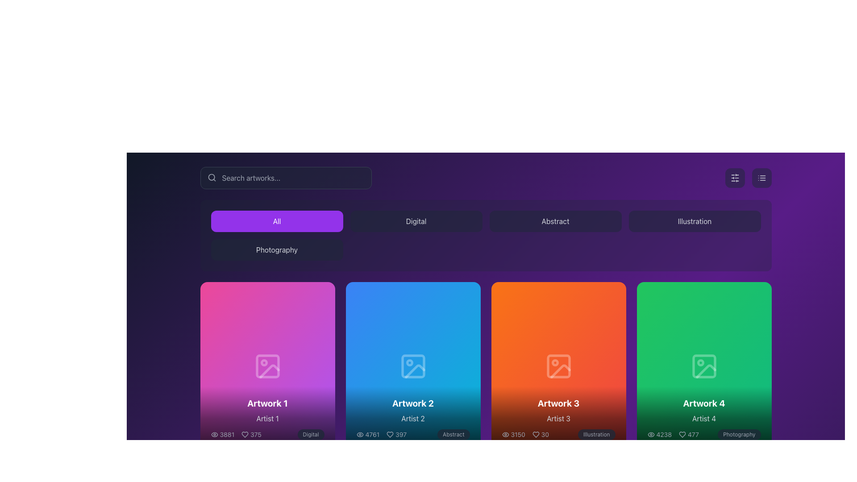 The height and width of the screenshot is (482, 857). What do you see at coordinates (558, 366) in the screenshot?
I see `the small square icon with rounded corners` at bounding box center [558, 366].